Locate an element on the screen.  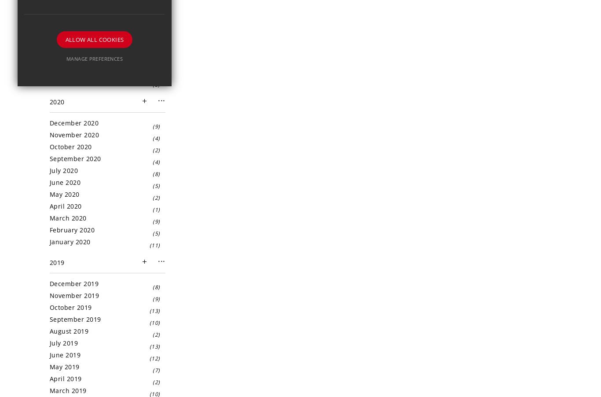
'(12)' is located at coordinates (154, 358).